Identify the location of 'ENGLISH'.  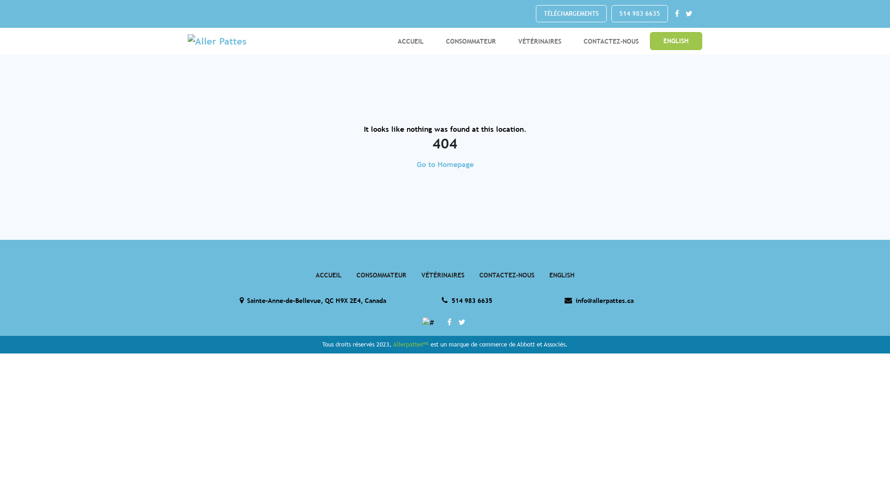
(676, 40).